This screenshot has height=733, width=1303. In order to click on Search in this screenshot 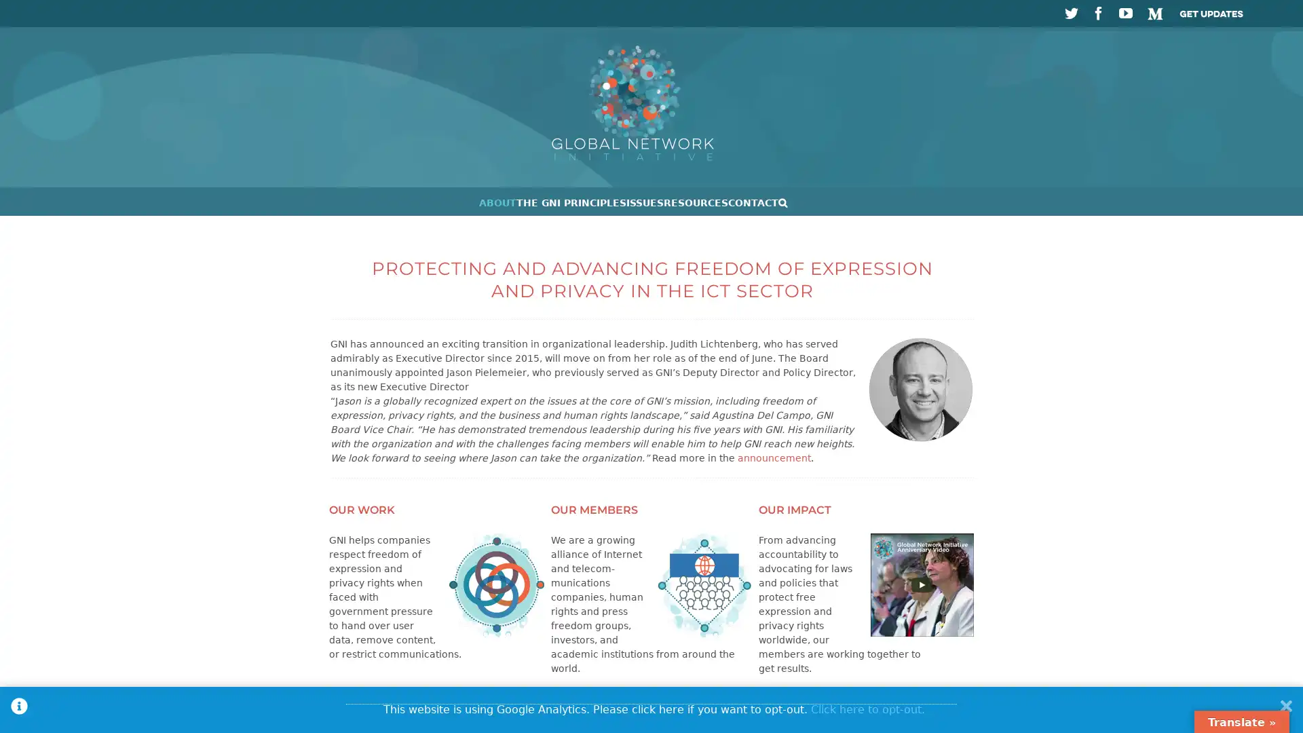, I will do `click(782, 203)`.